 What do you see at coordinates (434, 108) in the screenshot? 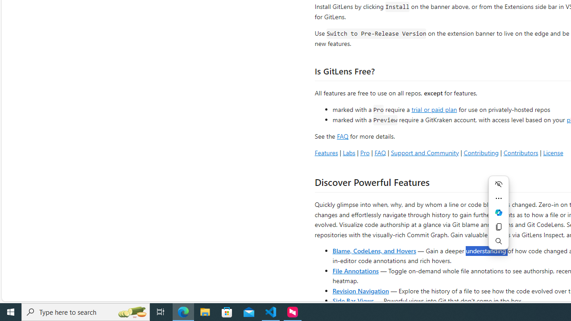
I see `'trial or paid plan'` at bounding box center [434, 108].